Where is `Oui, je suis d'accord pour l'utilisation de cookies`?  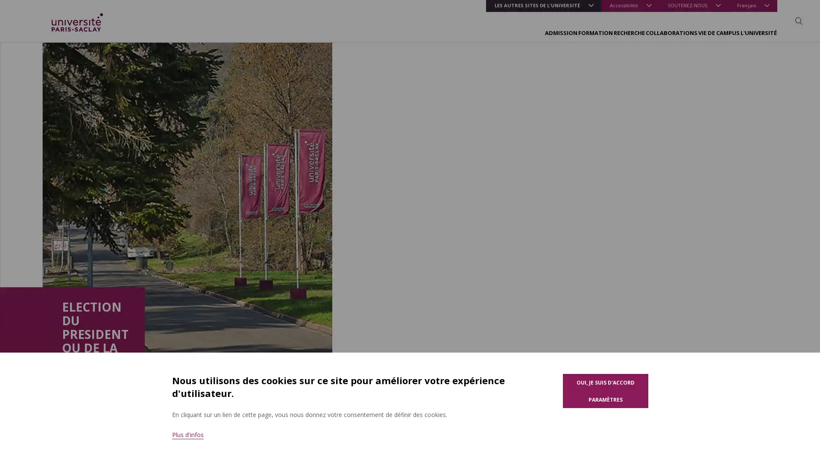
Oui, je suis d'accord pour l'utilisation de cookies is located at coordinates (604, 382).